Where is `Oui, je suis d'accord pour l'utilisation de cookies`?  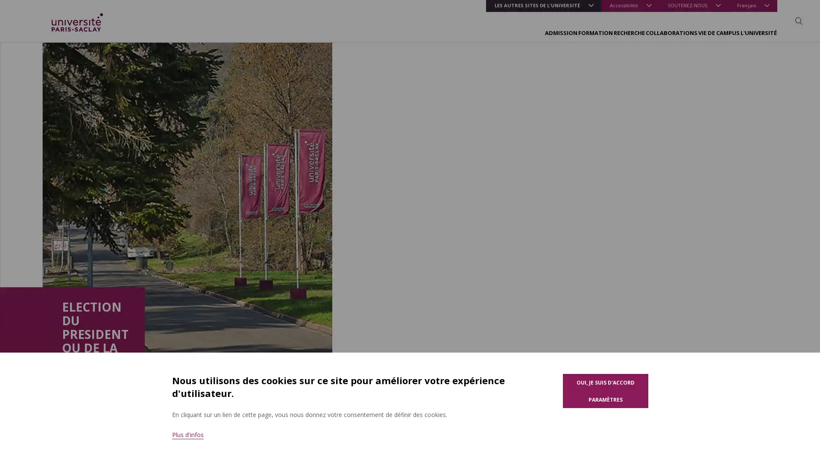
Oui, je suis d'accord pour l'utilisation de cookies is located at coordinates (604, 382).